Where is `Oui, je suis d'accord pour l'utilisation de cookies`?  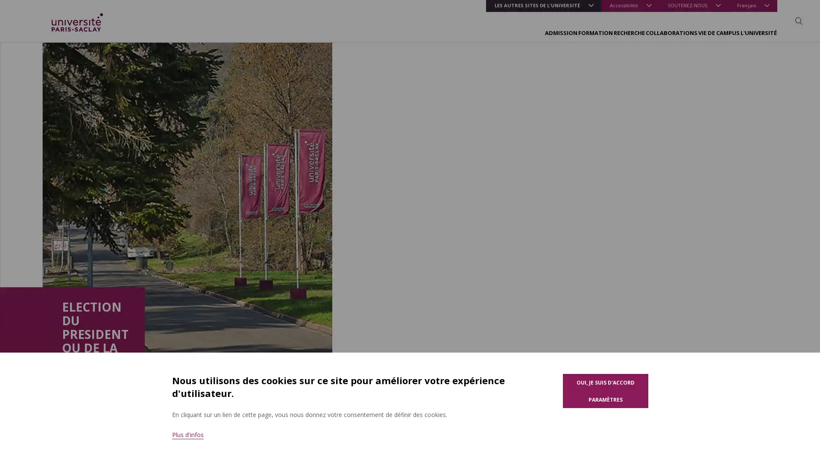
Oui, je suis d'accord pour l'utilisation de cookies is located at coordinates (604, 382).